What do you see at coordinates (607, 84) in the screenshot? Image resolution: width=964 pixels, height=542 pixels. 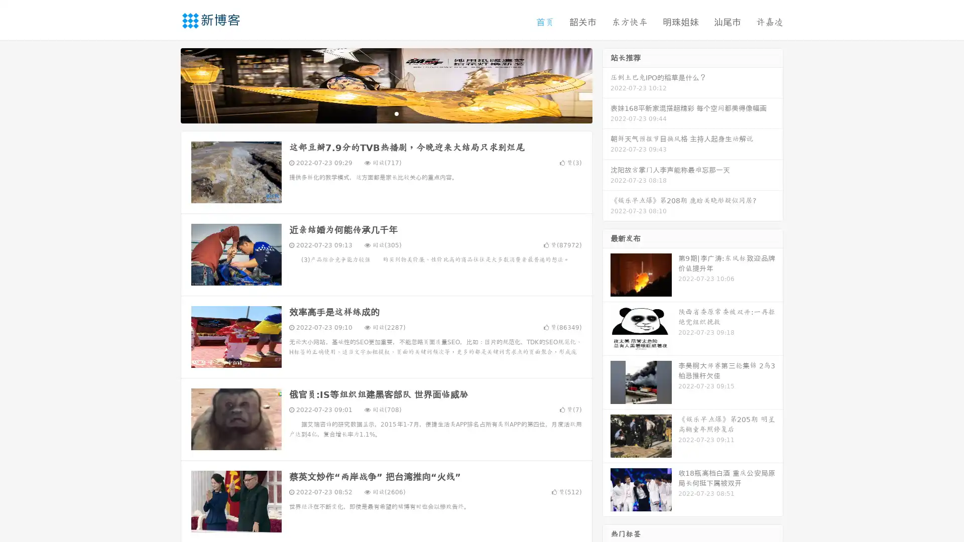 I see `Next slide` at bounding box center [607, 84].